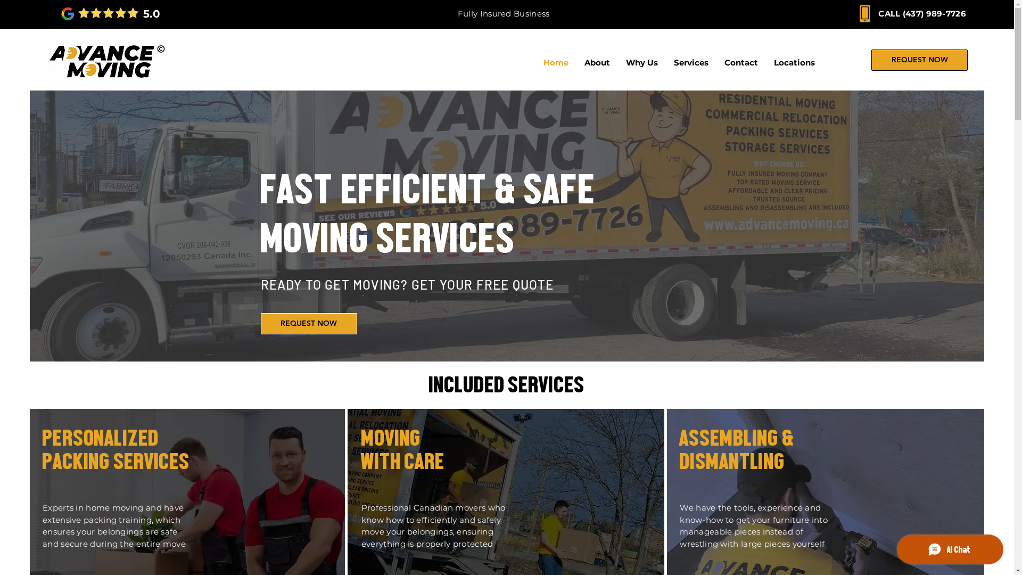 This screenshot has width=1022, height=575. What do you see at coordinates (555, 63) in the screenshot?
I see `'Home'` at bounding box center [555, 63].